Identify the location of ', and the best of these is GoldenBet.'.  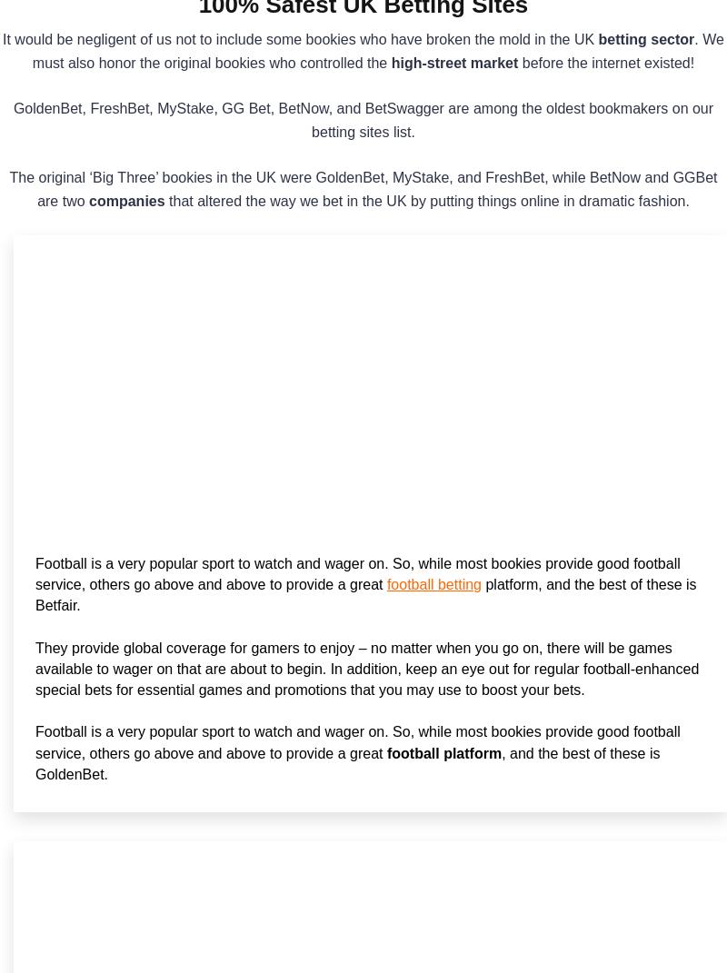
(35, 761).